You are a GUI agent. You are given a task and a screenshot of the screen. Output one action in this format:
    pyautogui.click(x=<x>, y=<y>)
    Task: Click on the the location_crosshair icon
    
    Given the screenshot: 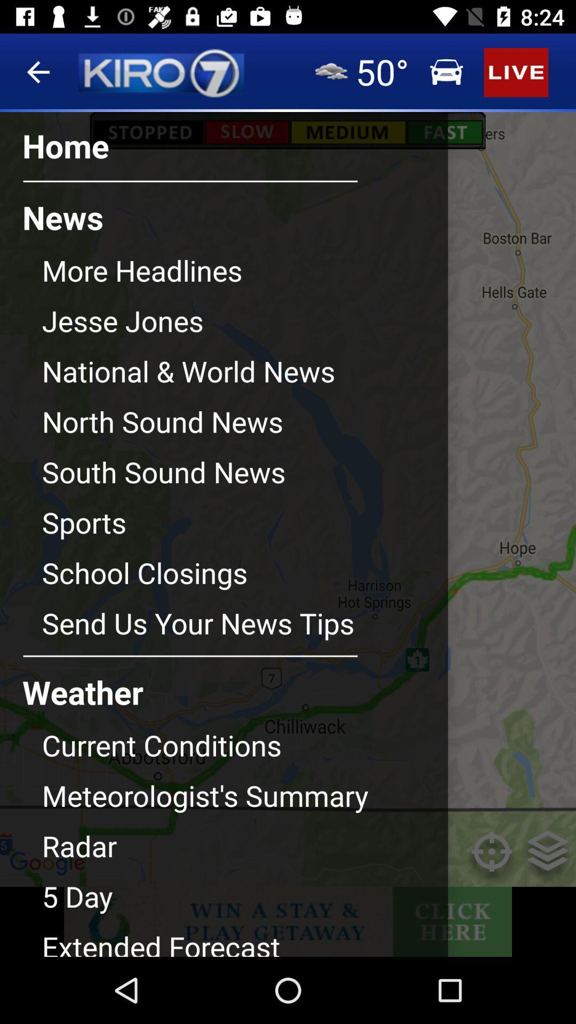 What is the action you would take?
    pyautogui.click(x=492, y=859)
    